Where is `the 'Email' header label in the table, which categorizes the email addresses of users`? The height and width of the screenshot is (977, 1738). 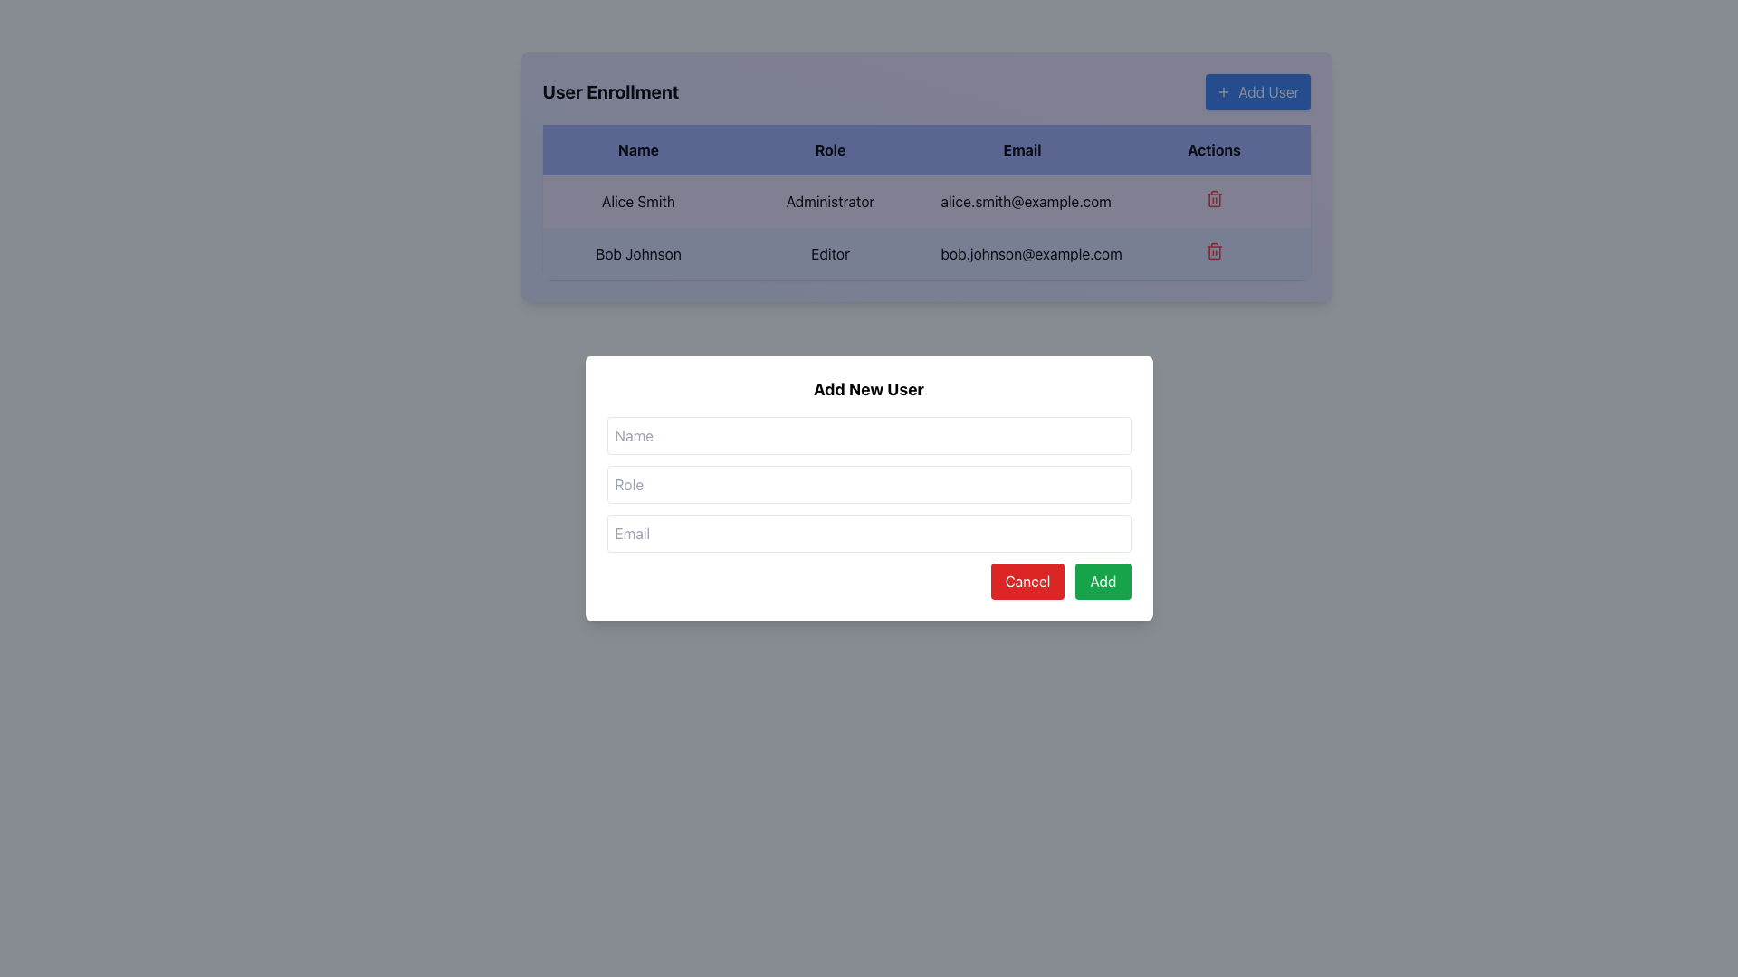 the 'Email' header label in the table, which categorizes the email addresses of users is located at coordinates (1022, 148).